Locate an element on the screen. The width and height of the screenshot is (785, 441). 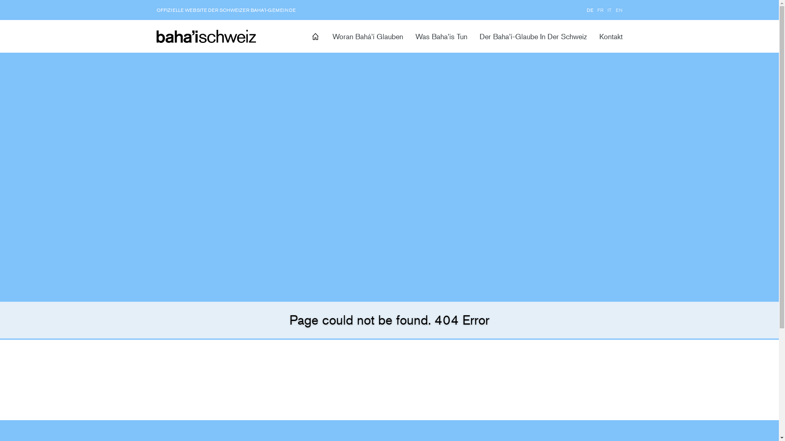
'IT' is located at coordinates (610, 10).